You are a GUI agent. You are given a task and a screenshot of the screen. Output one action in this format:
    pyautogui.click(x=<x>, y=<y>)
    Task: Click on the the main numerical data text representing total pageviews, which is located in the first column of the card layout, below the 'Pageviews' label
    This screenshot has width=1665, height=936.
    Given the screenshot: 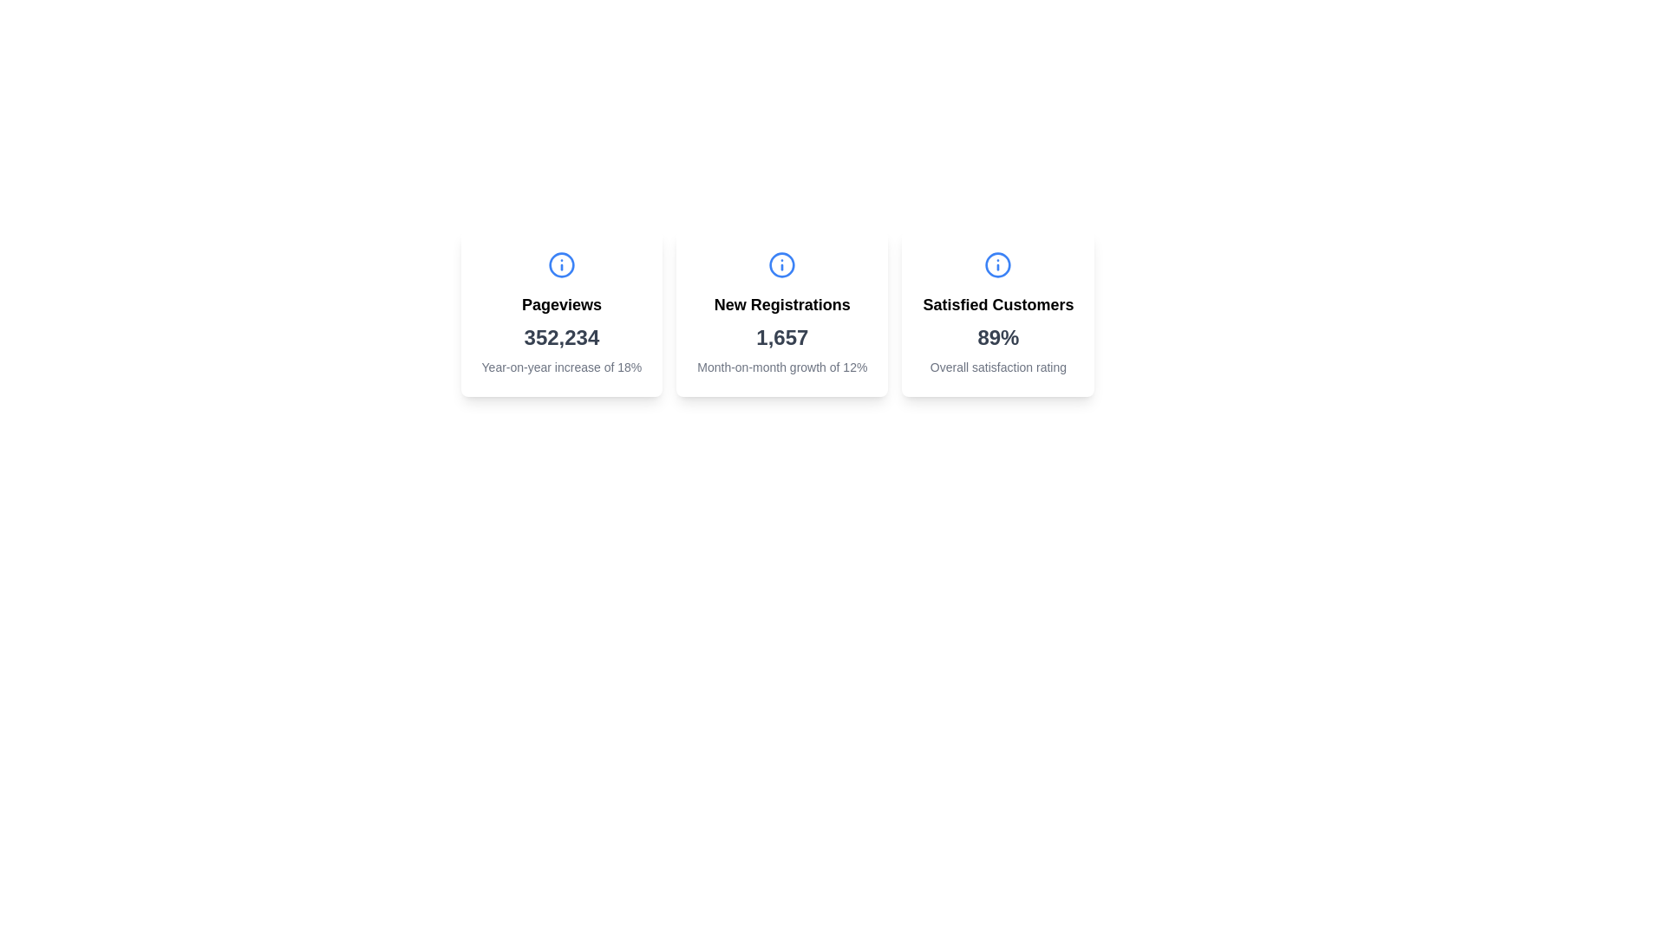 What is the action you would take?
    pyautogui.click(x=562, y=337)
    